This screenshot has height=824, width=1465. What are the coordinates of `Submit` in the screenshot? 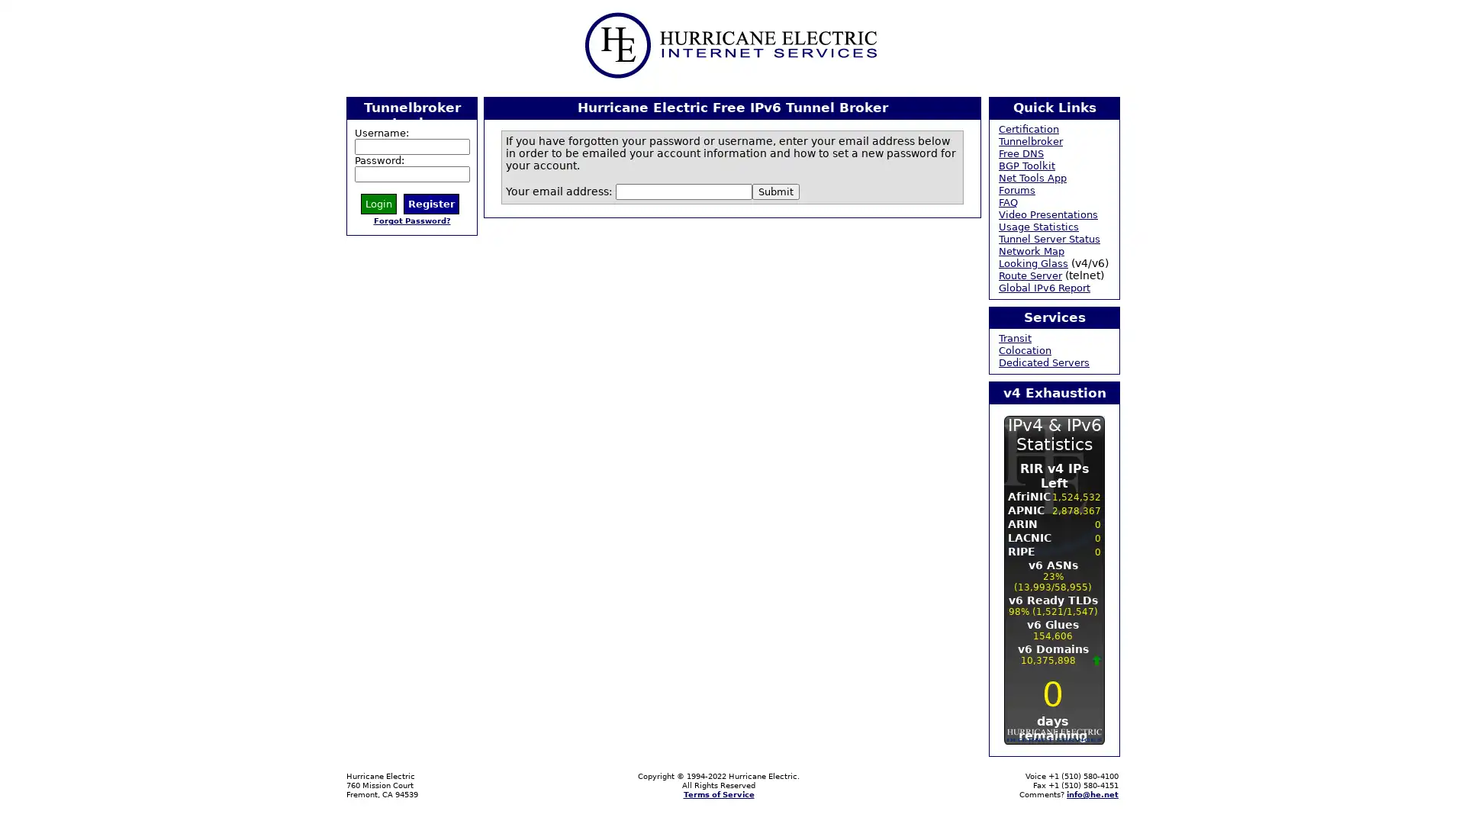 It's located at (776, 190).